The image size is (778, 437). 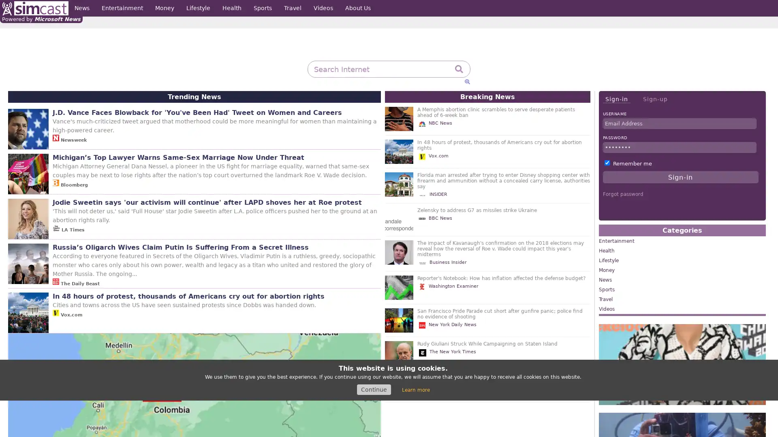 I want to click on Sign-in, so click(x=680, y=177).